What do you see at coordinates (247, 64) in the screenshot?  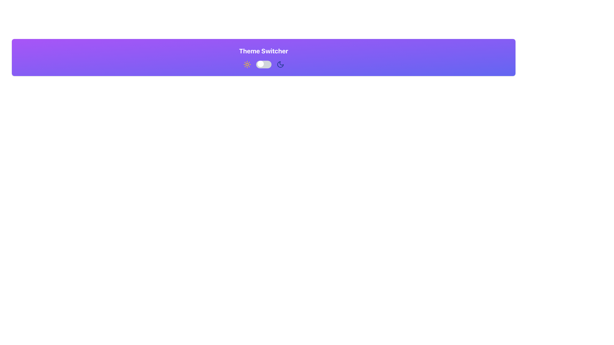 I see `the light mode icon in the theme switcher interface` at bounding box center [247, 64].